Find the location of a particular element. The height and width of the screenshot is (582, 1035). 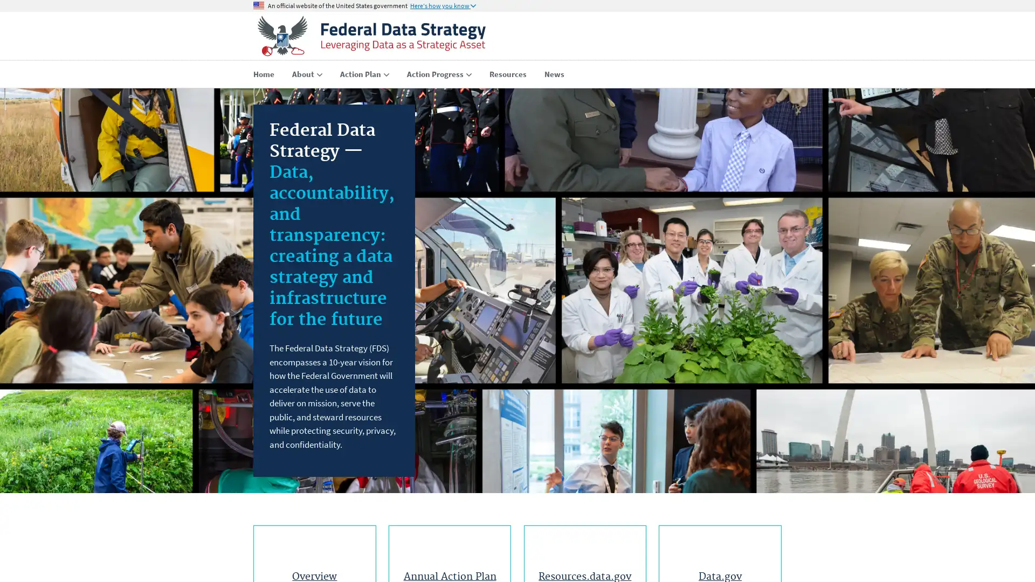

About is located at coordinates (307, 73).